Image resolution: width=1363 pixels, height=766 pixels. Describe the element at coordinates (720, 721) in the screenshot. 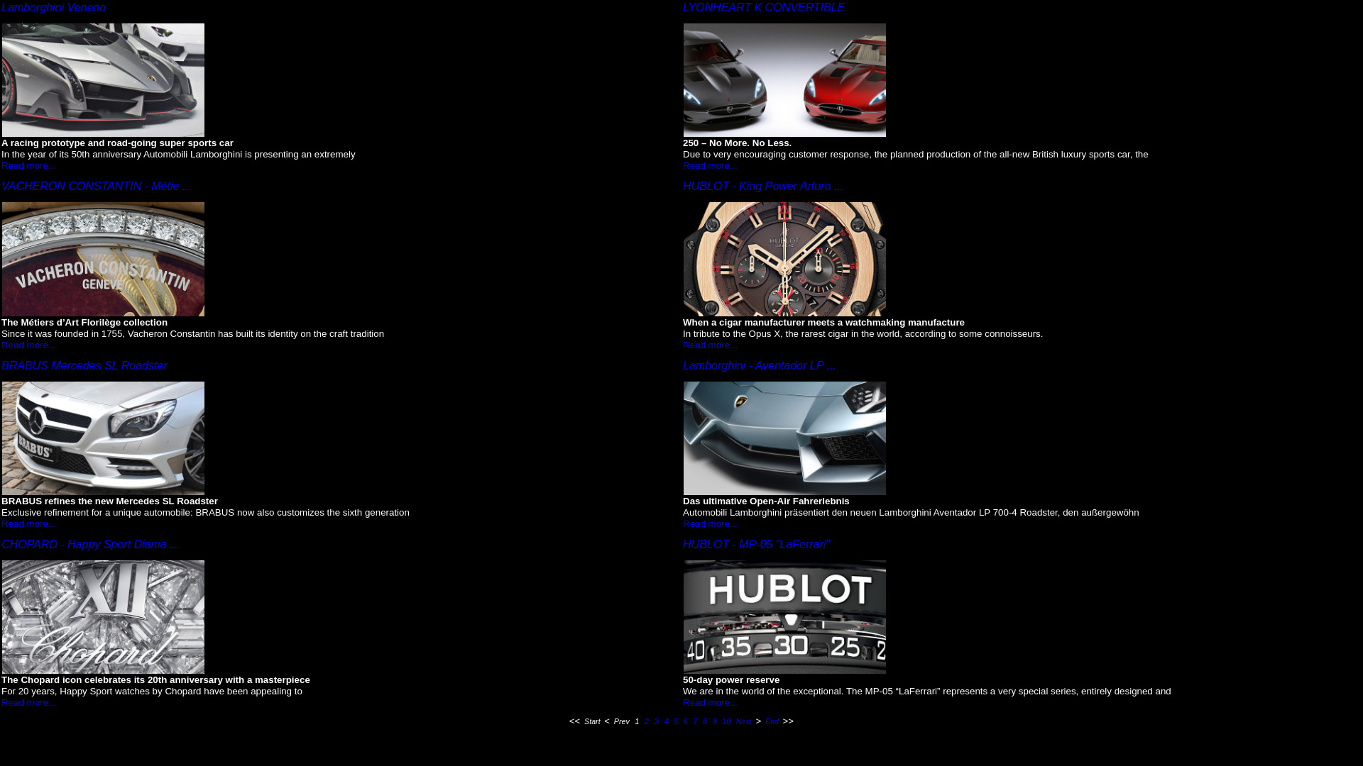

I see `'10'` at that location.